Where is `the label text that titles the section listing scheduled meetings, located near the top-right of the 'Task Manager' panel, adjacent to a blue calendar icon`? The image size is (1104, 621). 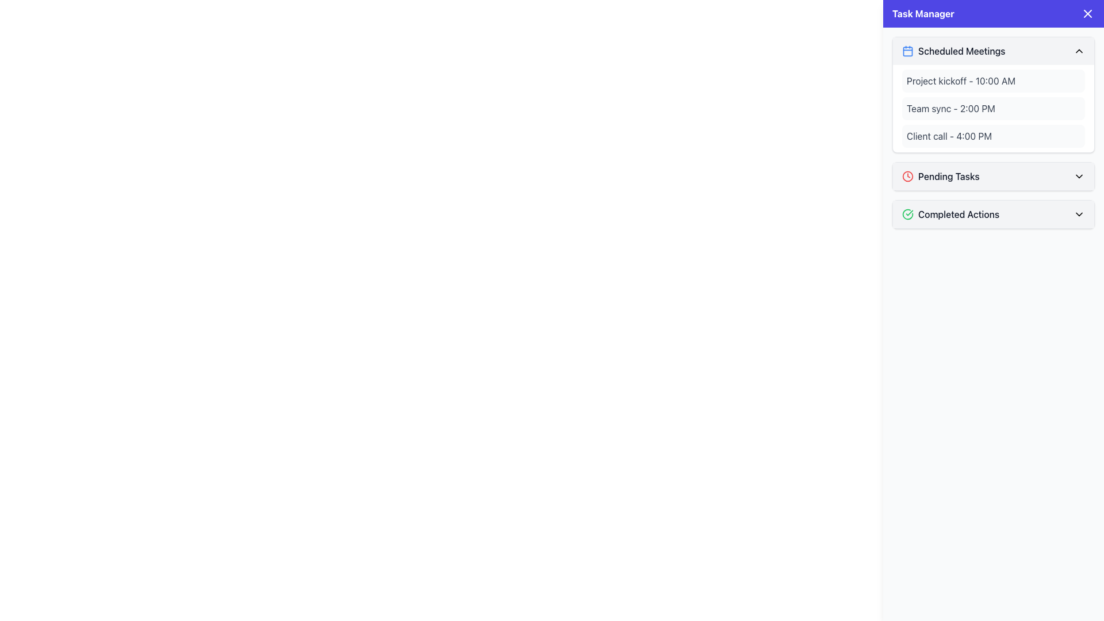 the label text that titles the section listing scheduled meetings, located near the top-right of the 'Task Manager' panel, adjacent to a blue calendar icon is located at coordinates (961, 50).